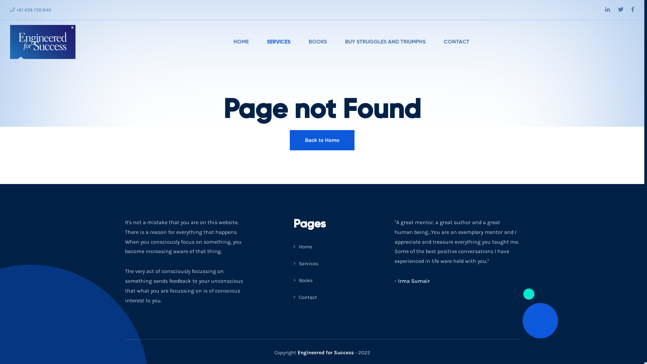  What do you see at coordinates (305, 263) in the screenshot?
I see `'Services'` at bounding box center [305, 263].